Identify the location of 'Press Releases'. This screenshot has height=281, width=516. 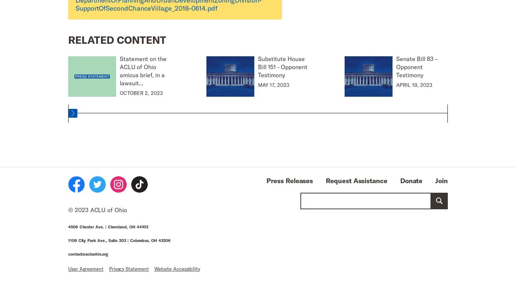
(289, 180).